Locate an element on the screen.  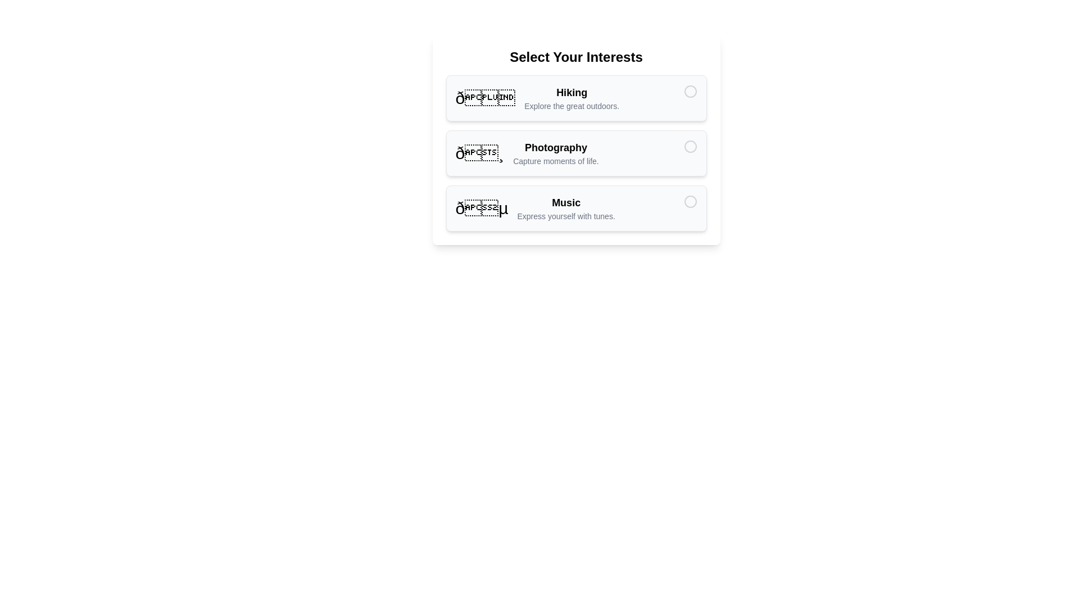
the item labeled Music is located at coordinates (576, 208).